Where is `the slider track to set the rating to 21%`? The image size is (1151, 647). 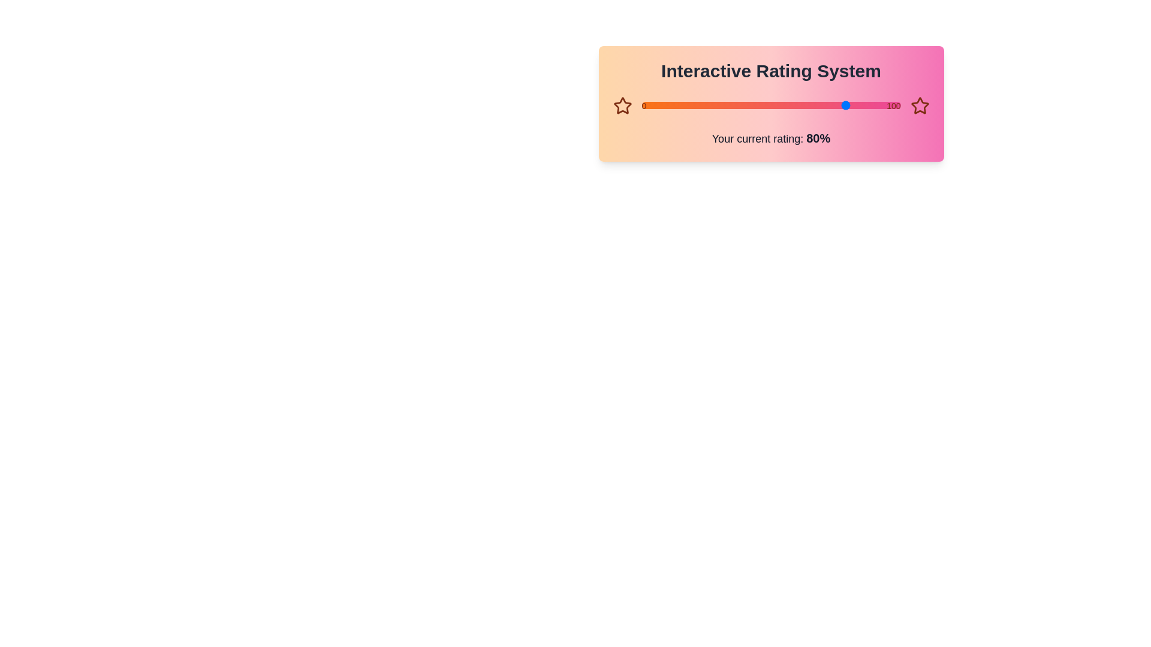 the slider track to set the rating to 21% is located at coordinates (696, 105).